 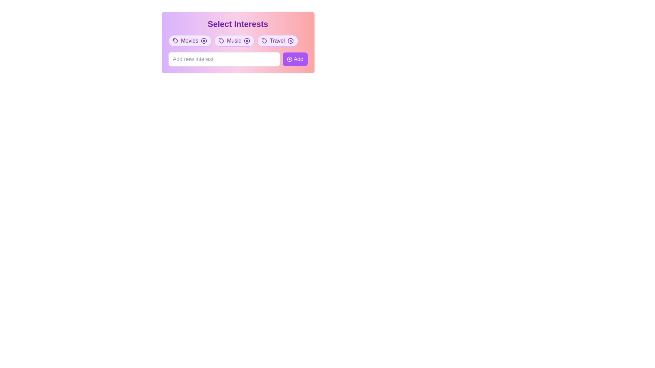 I want to click on the 'Add new interest' button to change its appearance, which is located to the right of the text input field, so click(x=295, y=59).